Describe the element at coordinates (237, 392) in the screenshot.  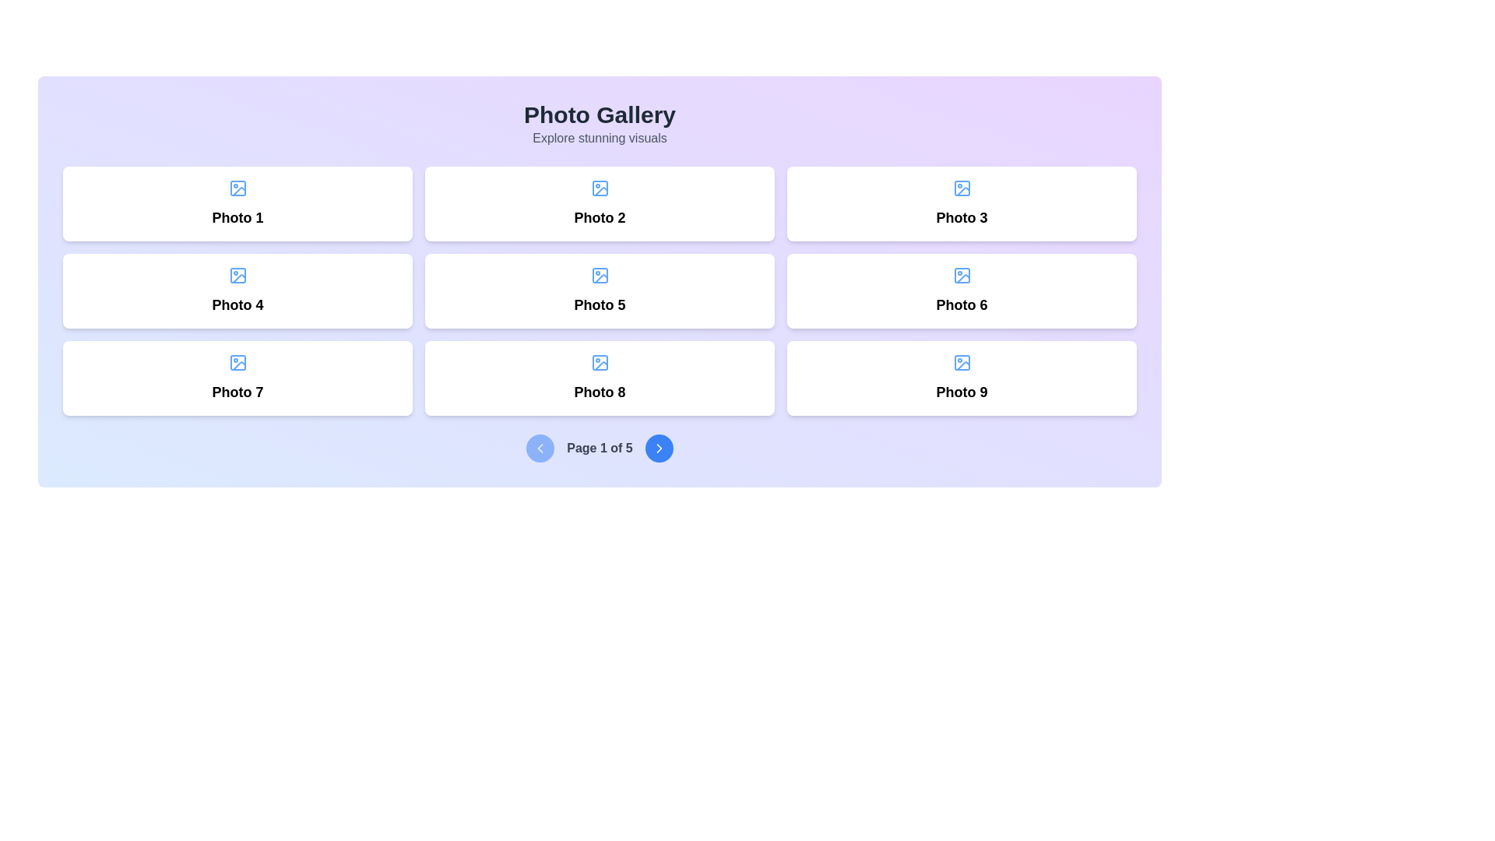
I see `the text label element displaying 'Photo 7', which is styled in bold and large font, located under the 'Photo Gallery' section in the third row and first column of the grid` at that location.